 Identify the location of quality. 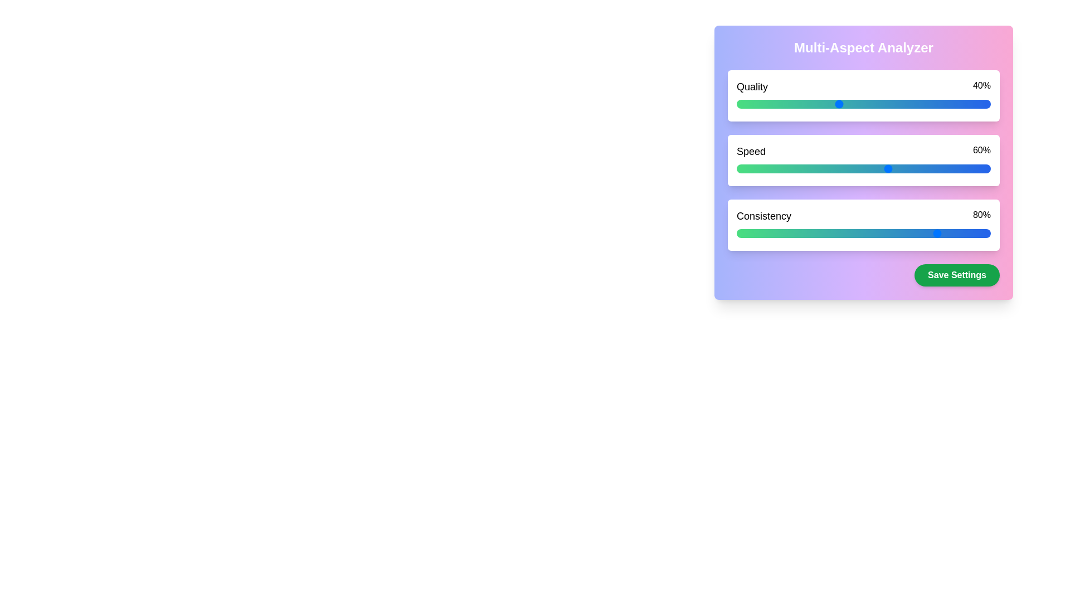
(873, 104).